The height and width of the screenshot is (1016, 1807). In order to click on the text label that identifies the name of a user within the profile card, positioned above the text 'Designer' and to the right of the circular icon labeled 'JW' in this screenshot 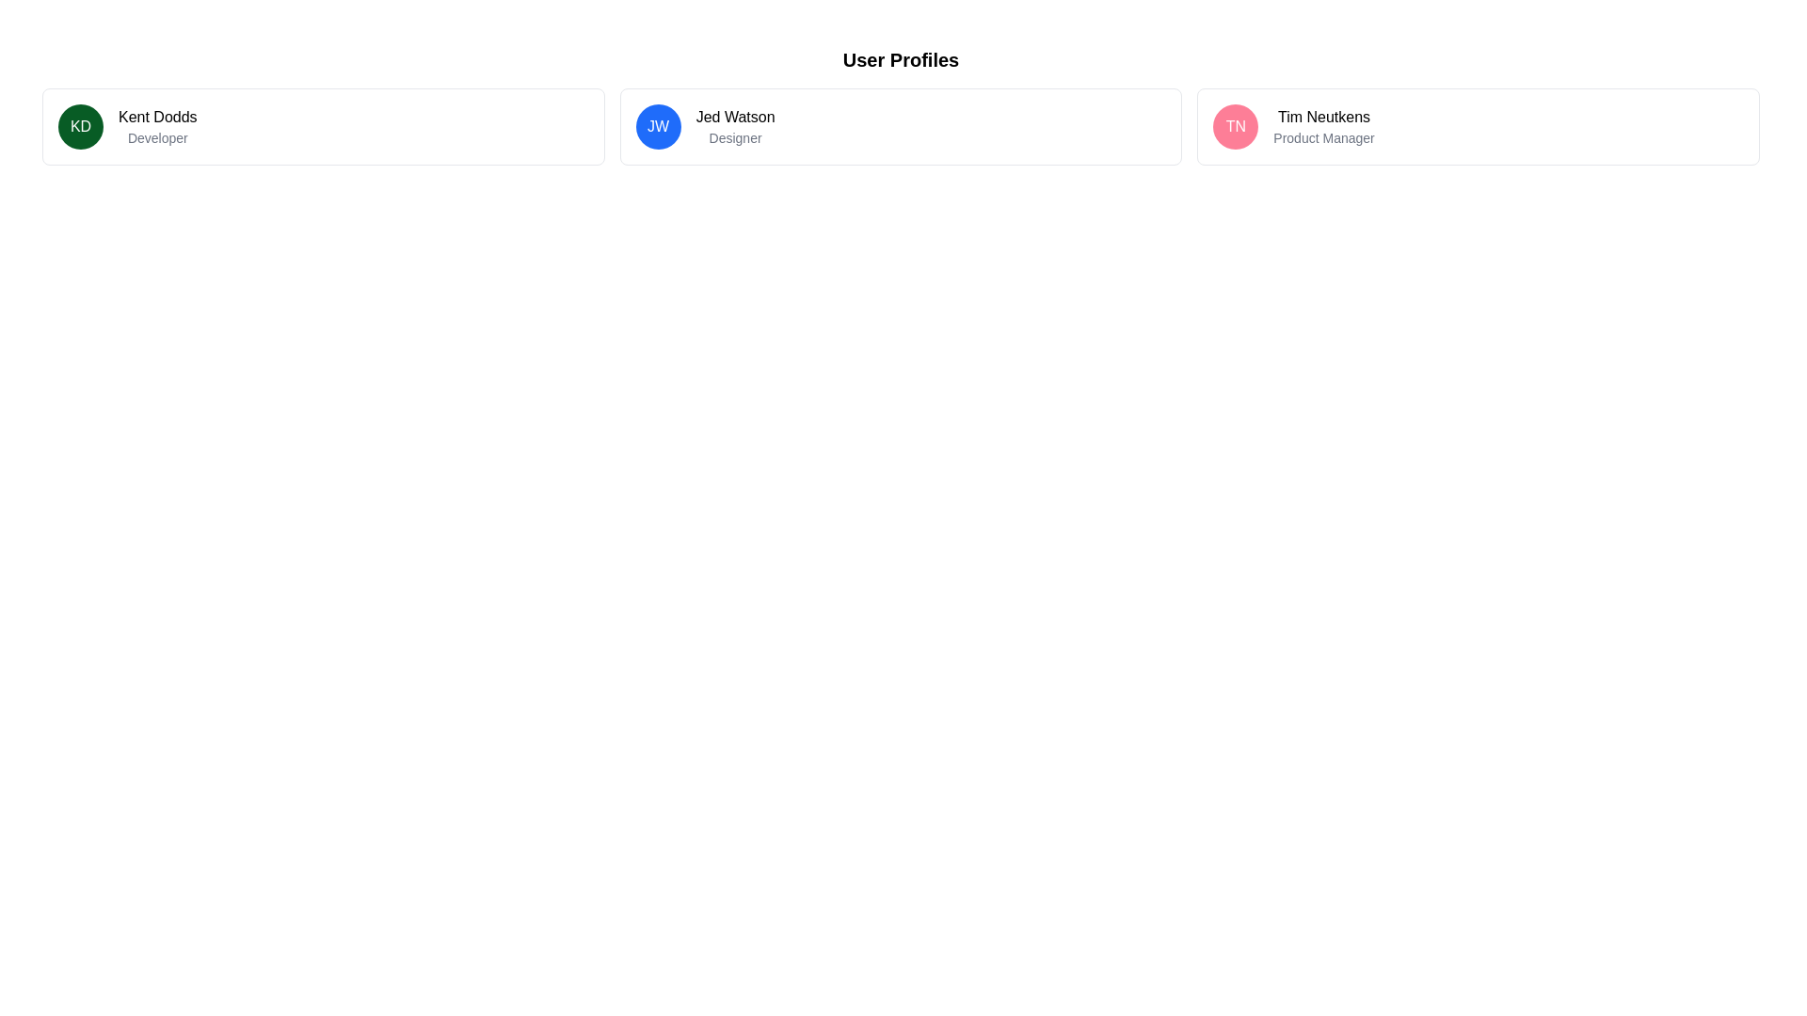, I will do `click(734, 117)`.